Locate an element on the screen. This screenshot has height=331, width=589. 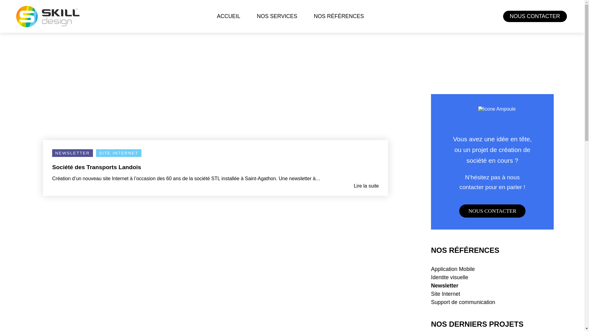
'Site Internet' is located at coordinates (445, 294).